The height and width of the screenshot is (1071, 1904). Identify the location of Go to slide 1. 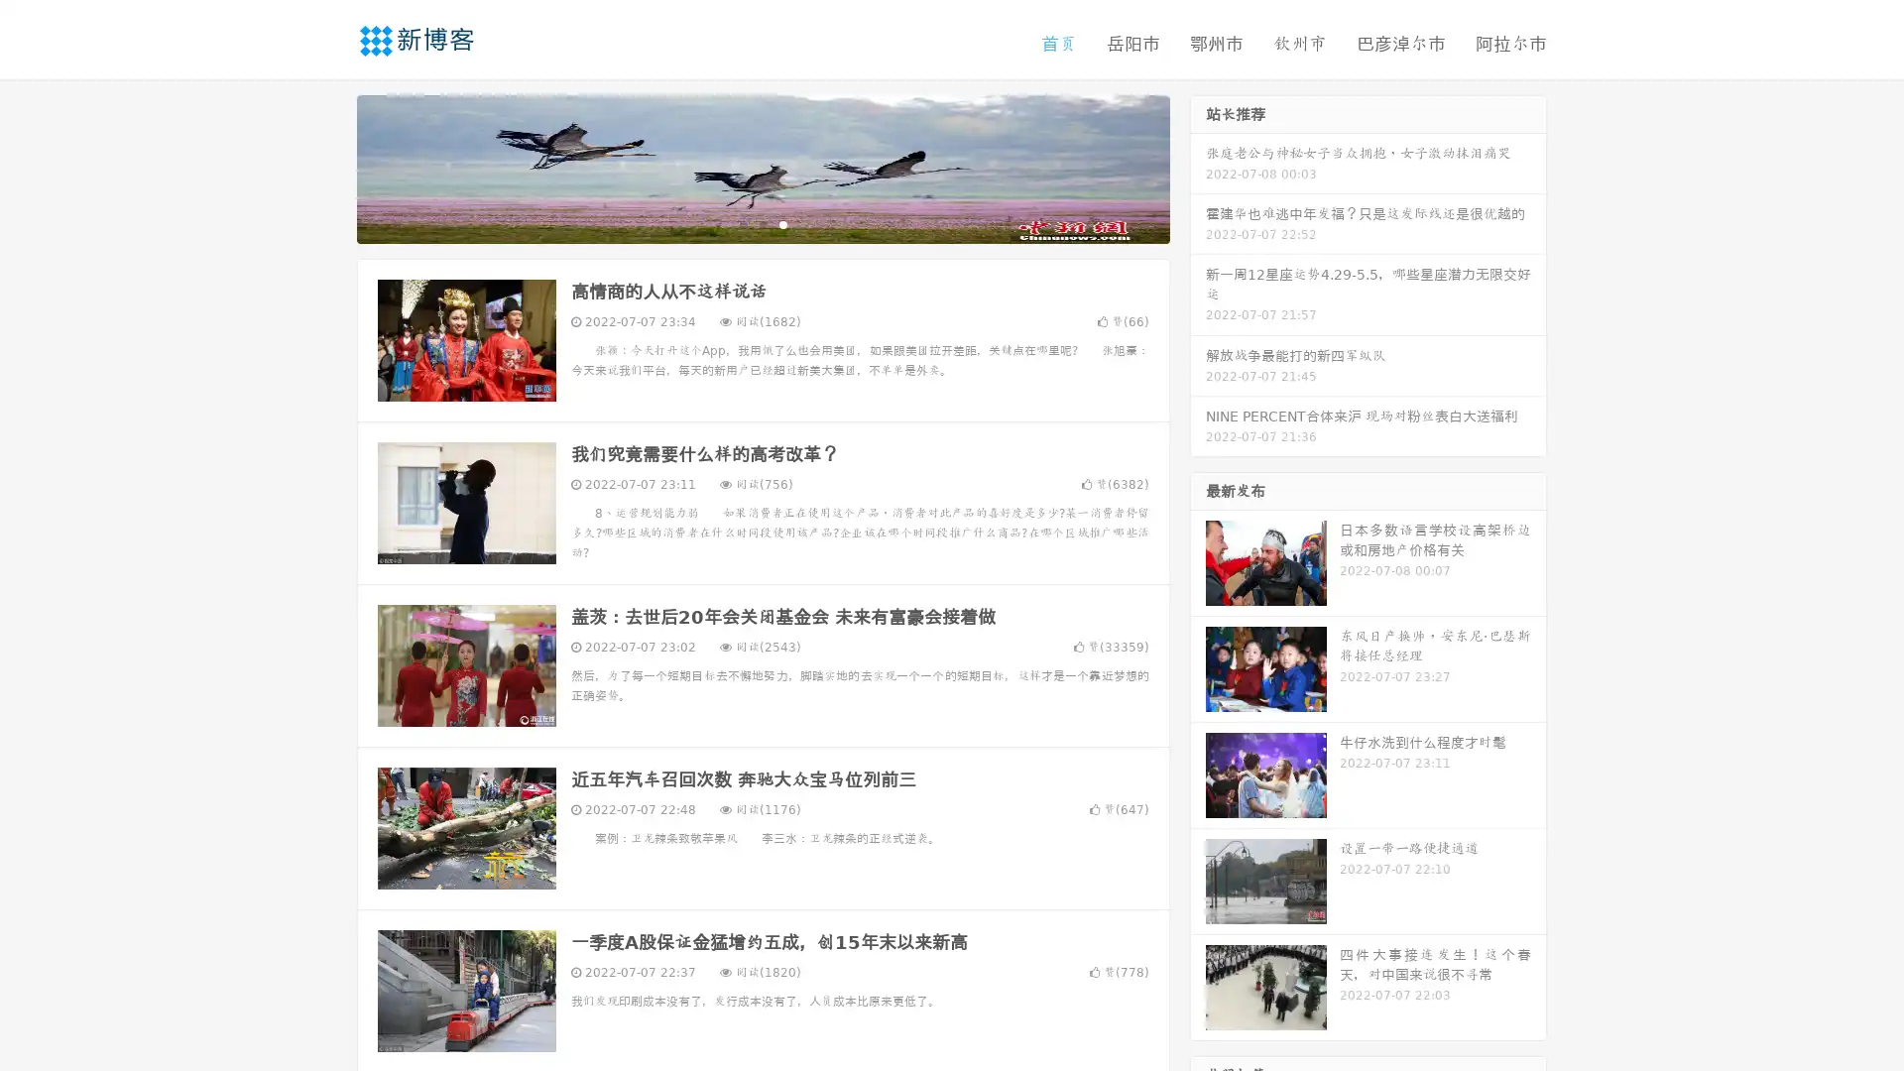
(742, 223).